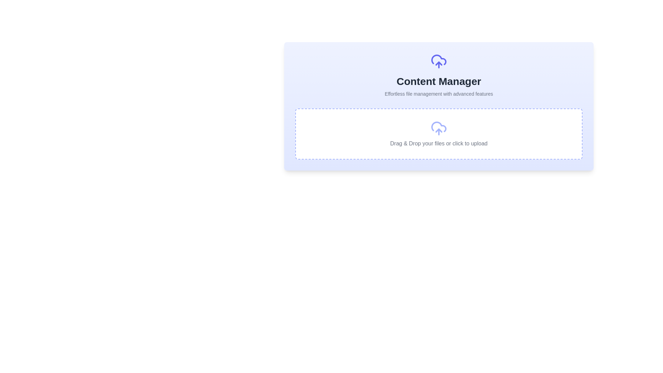 The height and width of the screenshot is (373, 663). I want to click on the upward arrow component of the cloud-upload icon, which is centered within the graphical cloud shape above the 'Content Manager' title, so click(439, 64).